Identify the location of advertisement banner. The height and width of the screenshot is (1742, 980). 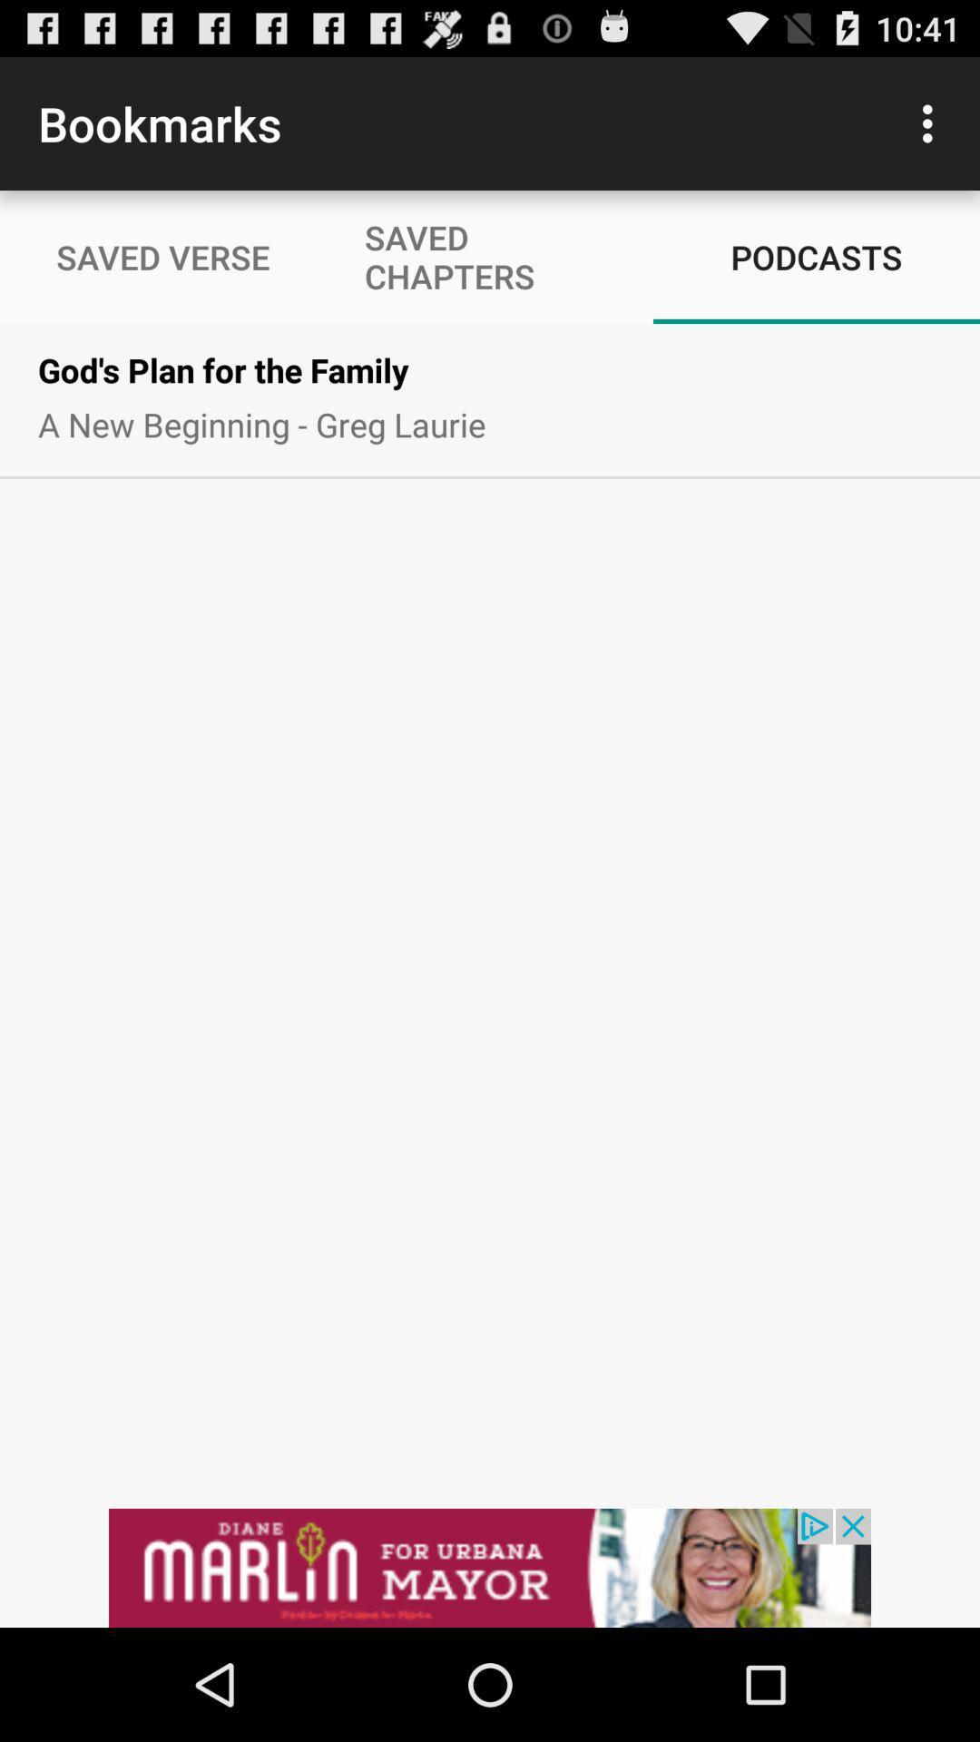
(490, 1567).